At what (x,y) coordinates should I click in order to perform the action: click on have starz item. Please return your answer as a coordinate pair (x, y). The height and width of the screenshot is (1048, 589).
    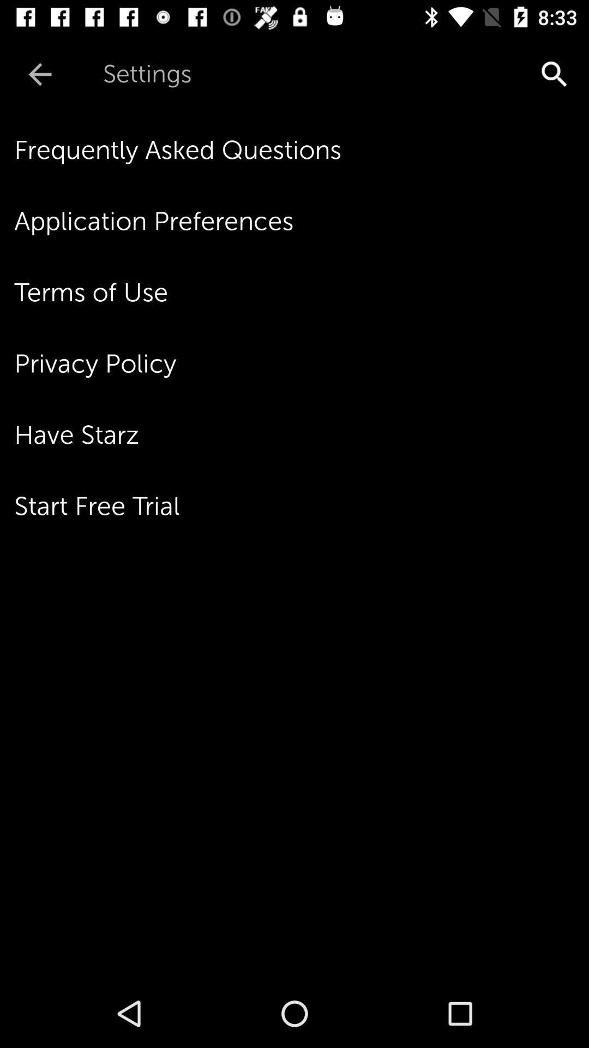
    Looking at the image, I should click on (302, 434).